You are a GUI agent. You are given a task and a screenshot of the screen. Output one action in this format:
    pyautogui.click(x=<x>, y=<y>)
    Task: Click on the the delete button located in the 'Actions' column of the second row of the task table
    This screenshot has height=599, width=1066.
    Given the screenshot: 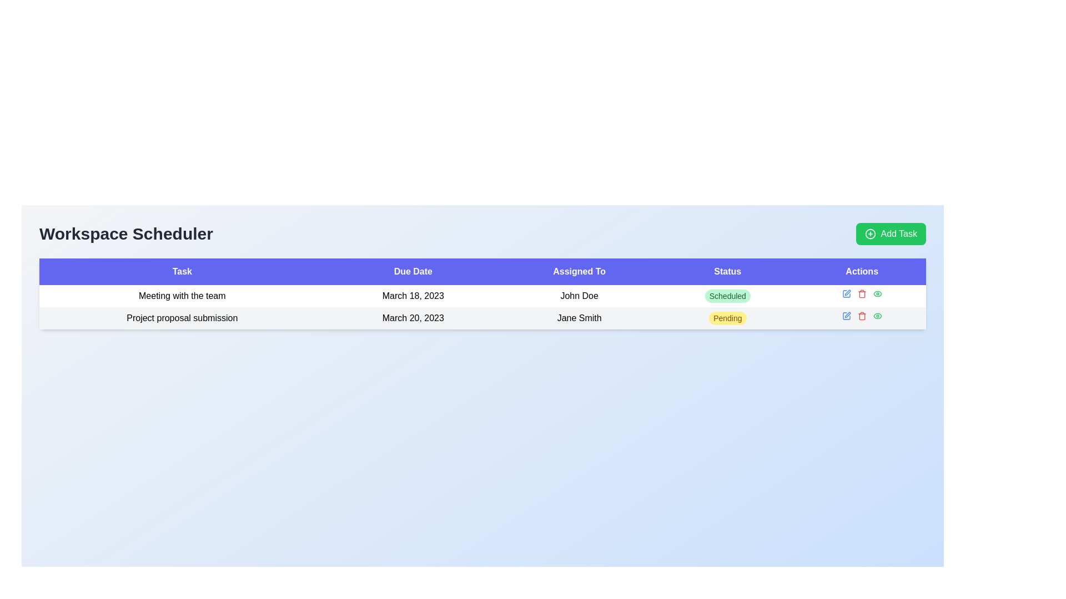 What is the action you would take?
    pyautogui.click(x=861, y=293)
    